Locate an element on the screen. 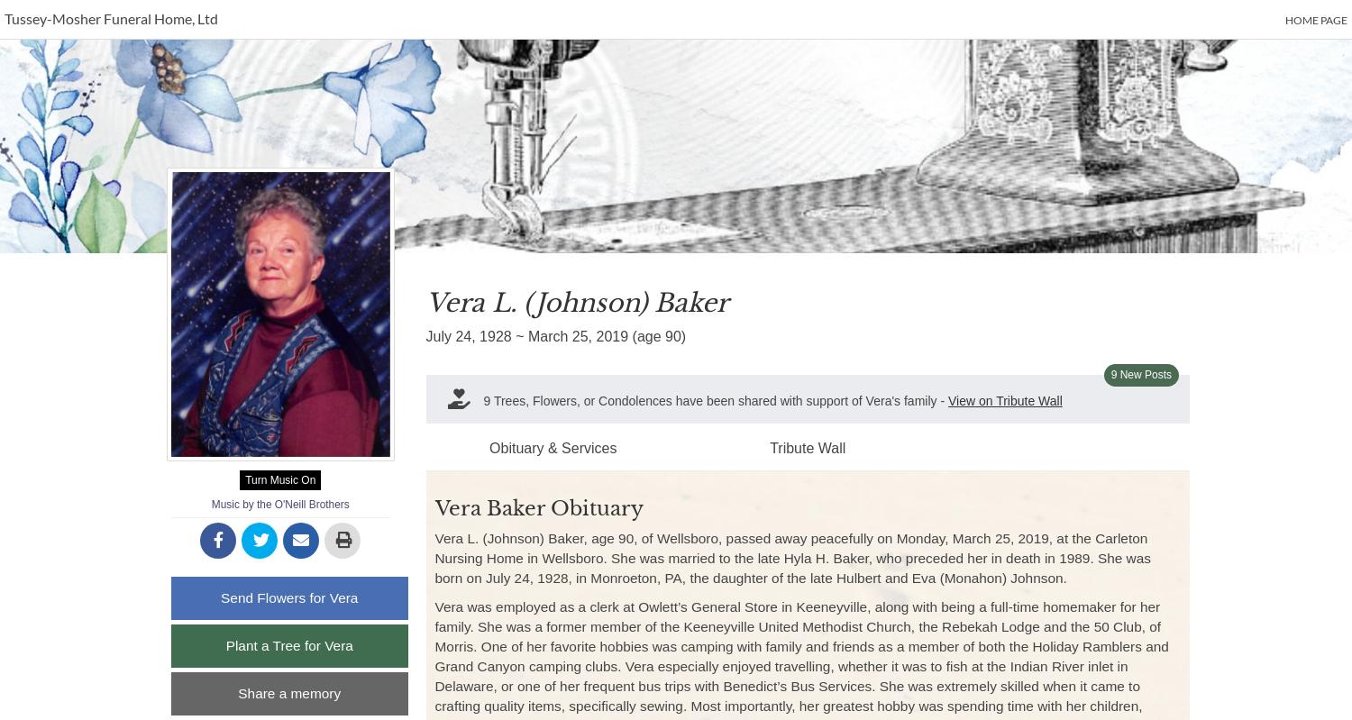 Image resolution: width=1352 pixels, height=720 pixels. '9 Trees, Flowers, or Condolences have been shared with support of Vera's family -' is located at coordinates (715, 400).